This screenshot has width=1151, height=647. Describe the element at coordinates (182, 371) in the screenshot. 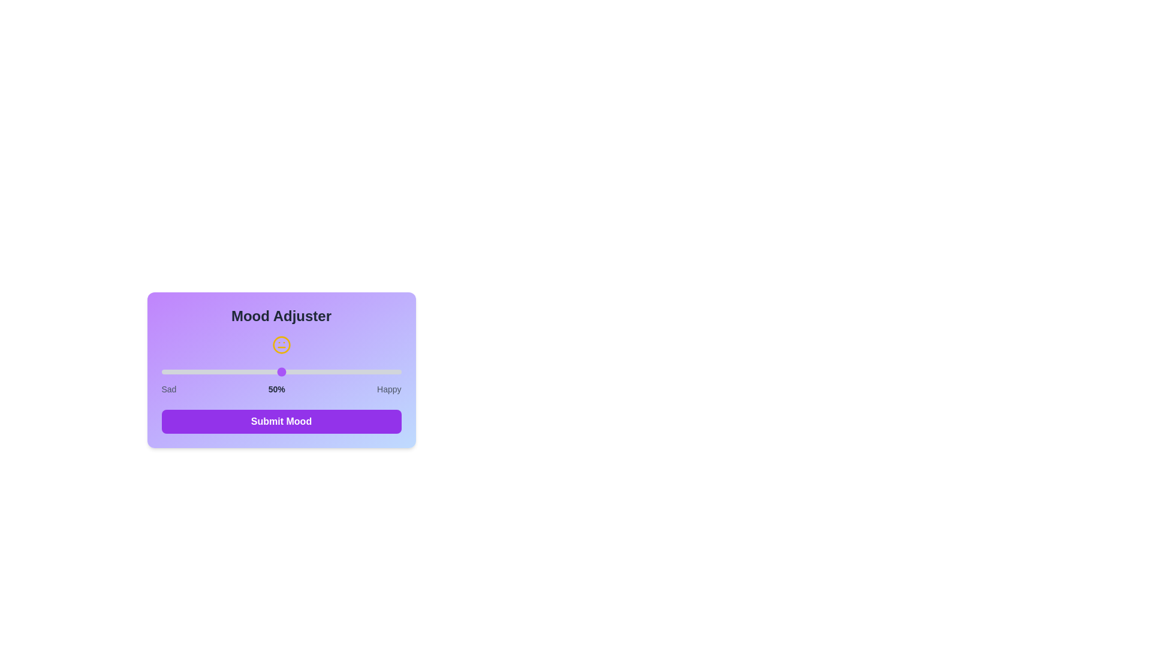

I see `the mood slider to 9% to observe the mood icon change` at that location.